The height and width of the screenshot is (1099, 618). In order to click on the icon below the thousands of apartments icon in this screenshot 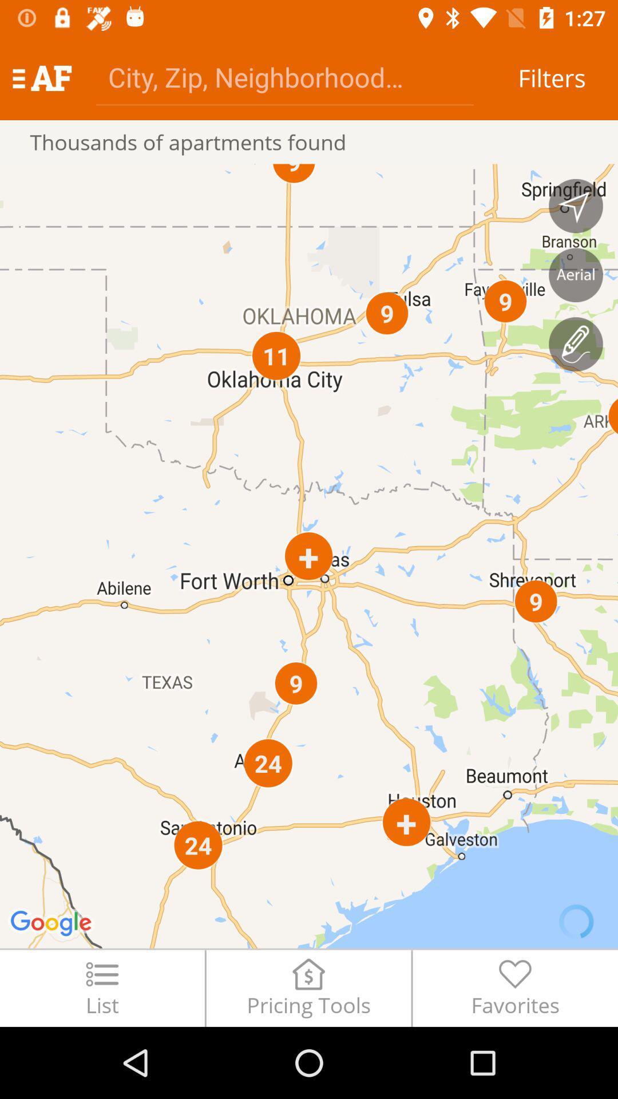, I will do `click(309, 556)`.